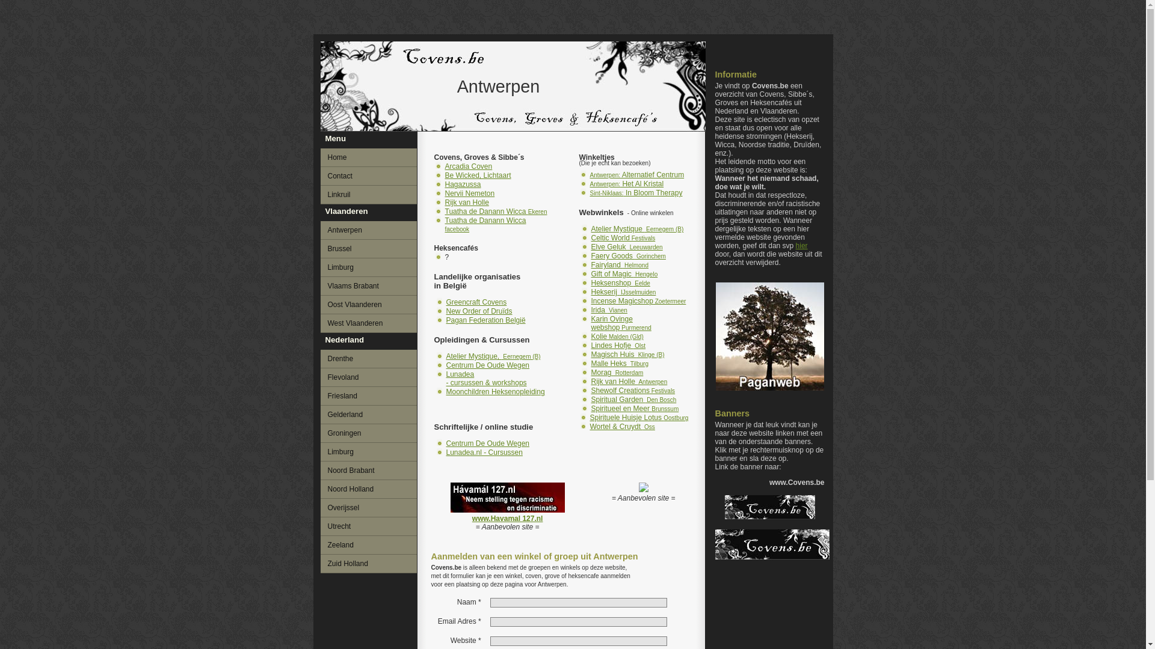 The image size is (1155, 649). What do you see at coordinates (367, 194) in the screenshot?
I see `'Linkruil'` at bounding box center [367, 194].